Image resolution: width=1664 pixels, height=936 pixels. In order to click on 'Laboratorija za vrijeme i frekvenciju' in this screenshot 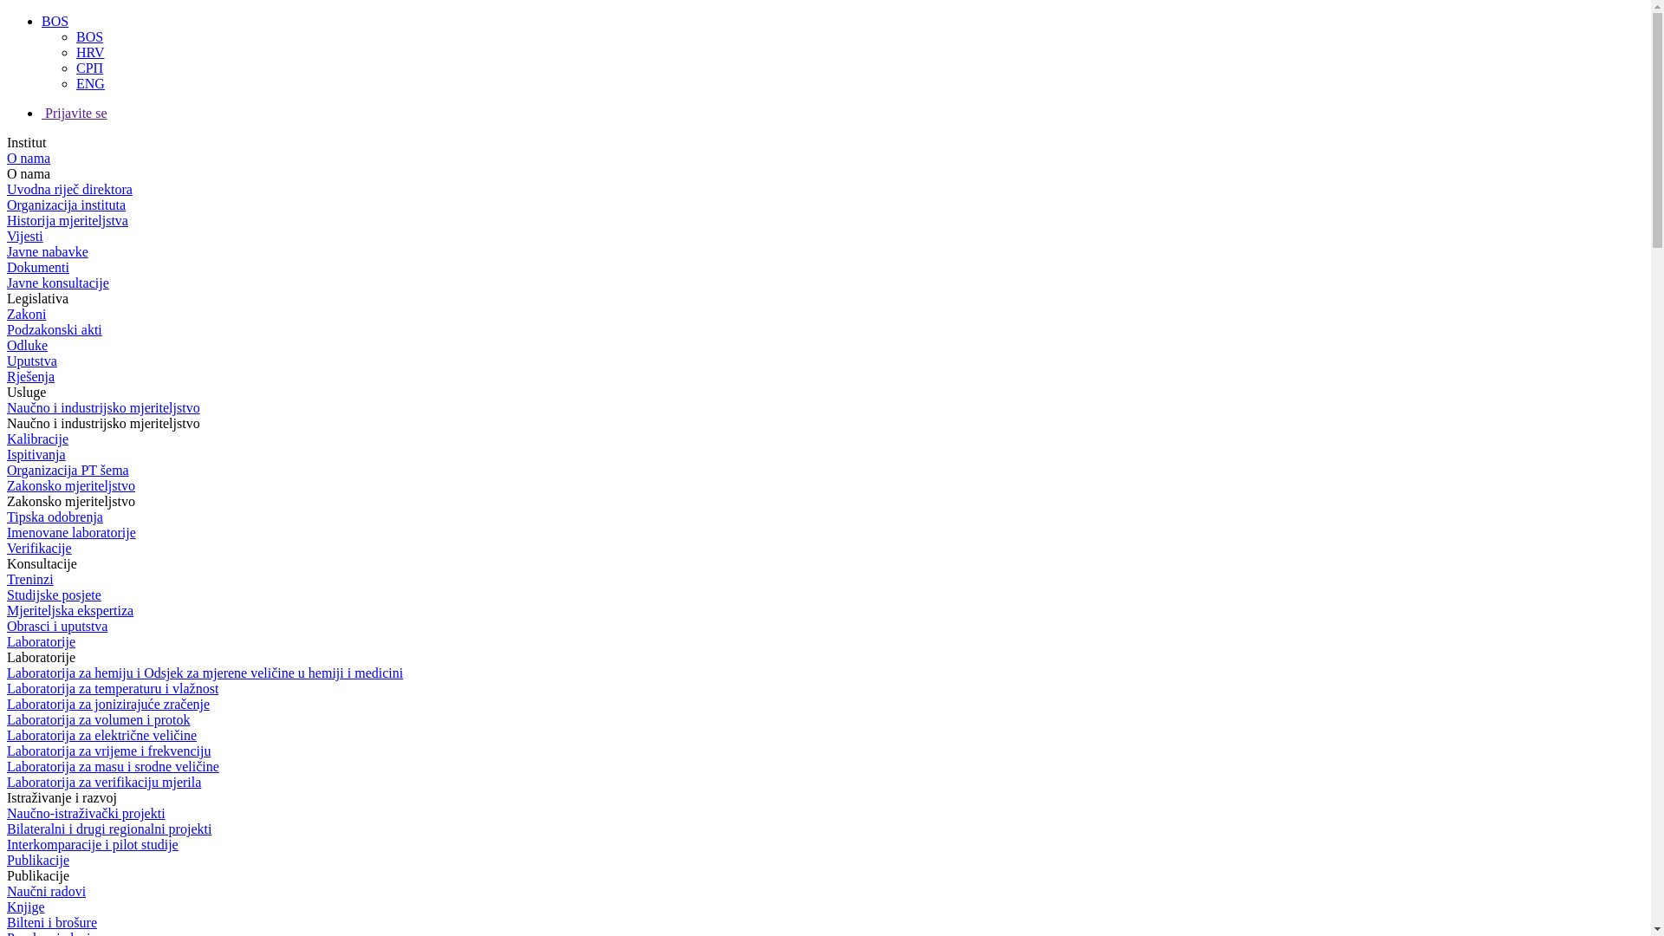, I will do `click(107, 750)`.